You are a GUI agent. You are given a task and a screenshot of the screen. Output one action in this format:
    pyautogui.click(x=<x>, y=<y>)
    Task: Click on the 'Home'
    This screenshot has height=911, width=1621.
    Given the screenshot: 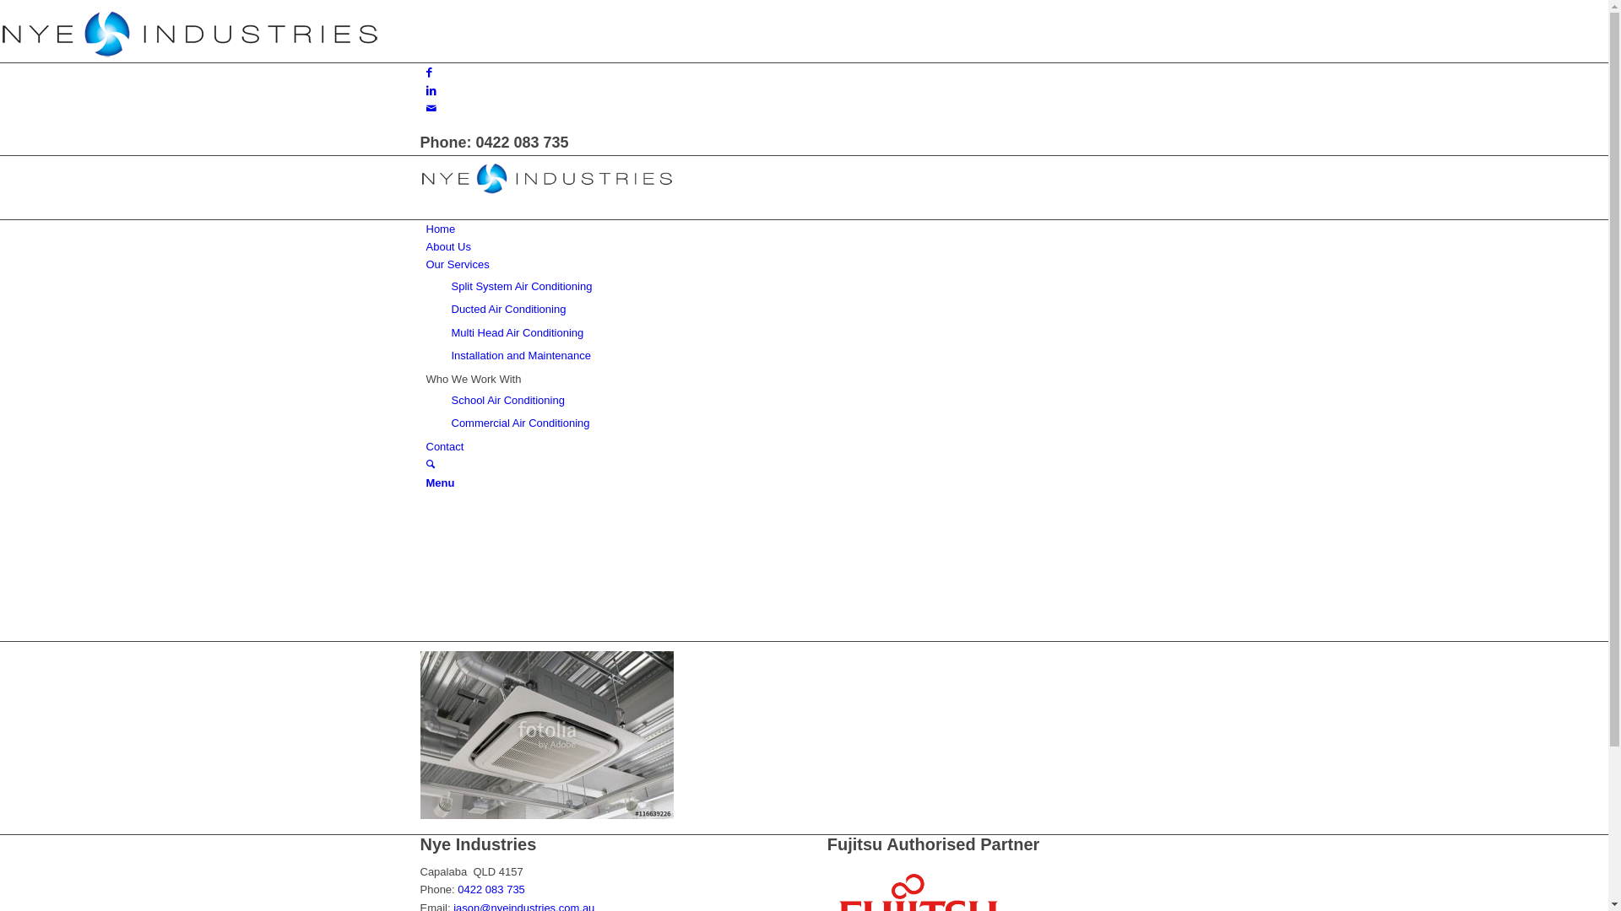 What is the action you would take?
    pyautogui.click(x=426, y=229)
    